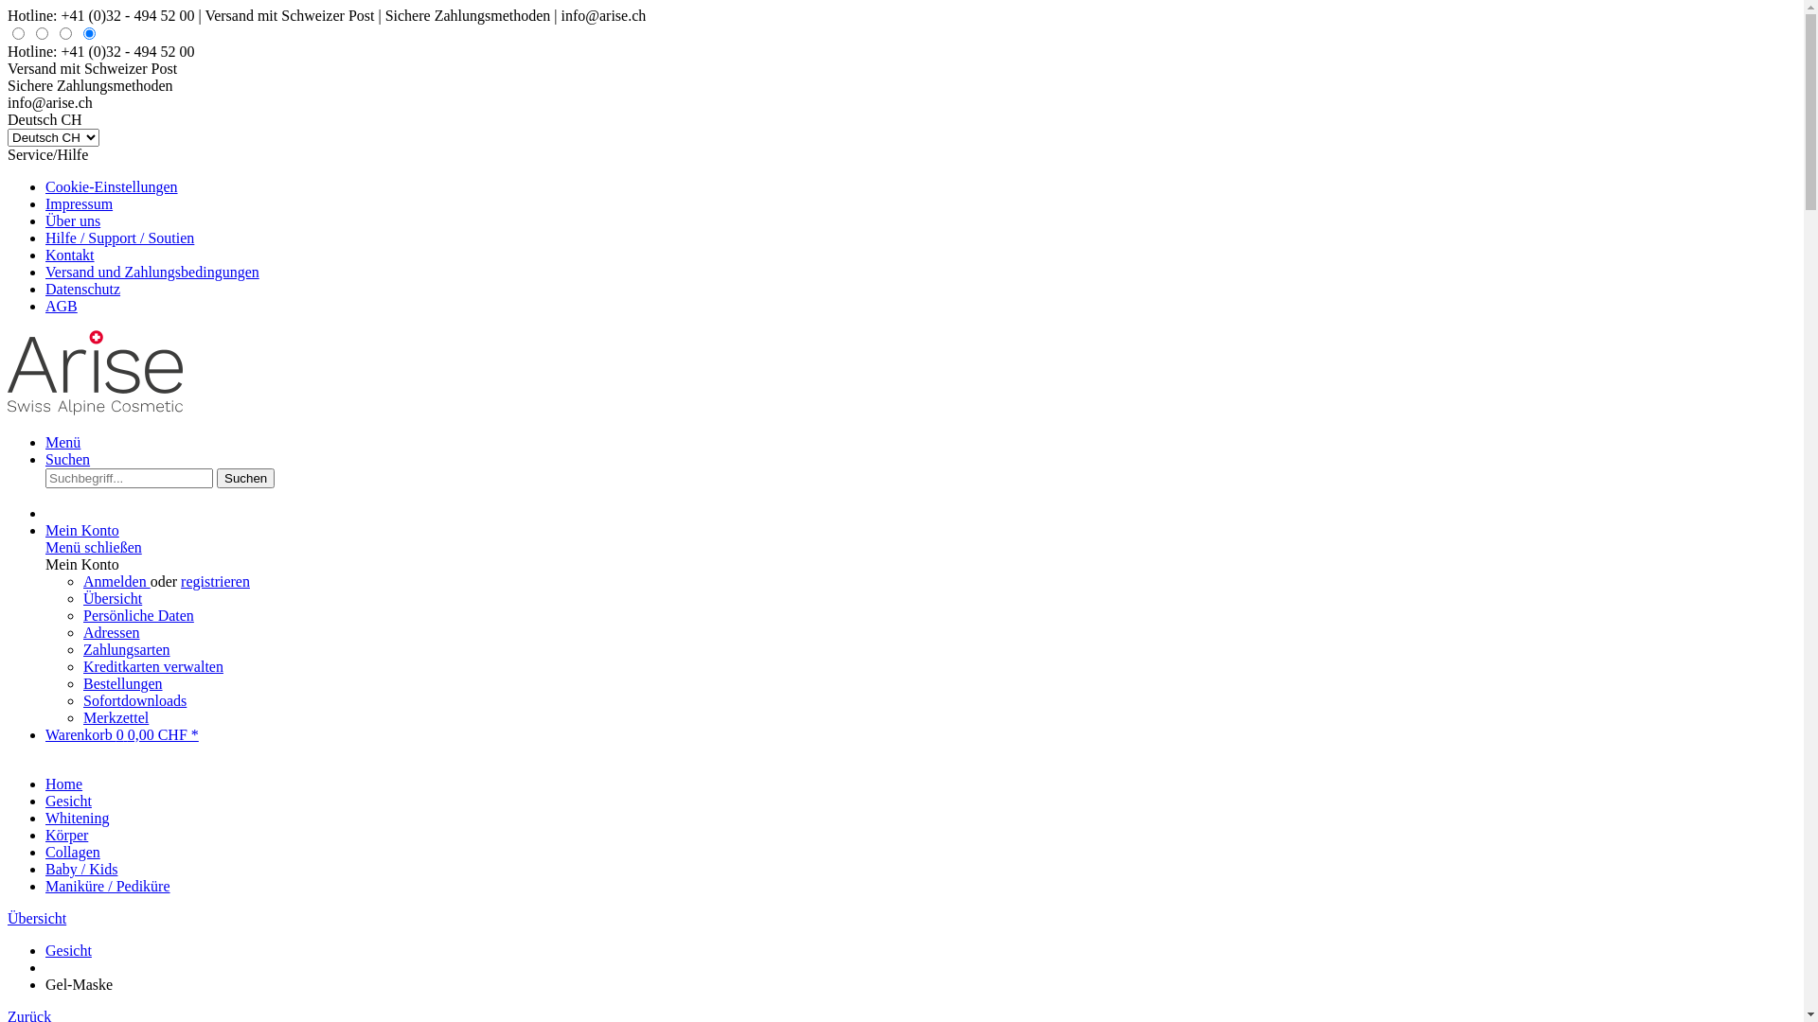  What do you see at coordinates (94, 409) in the screenshot?
I see `'Arise Cosmetic Shop - CH - zur Startseite wechseln'` at bounding box center [94, 409].